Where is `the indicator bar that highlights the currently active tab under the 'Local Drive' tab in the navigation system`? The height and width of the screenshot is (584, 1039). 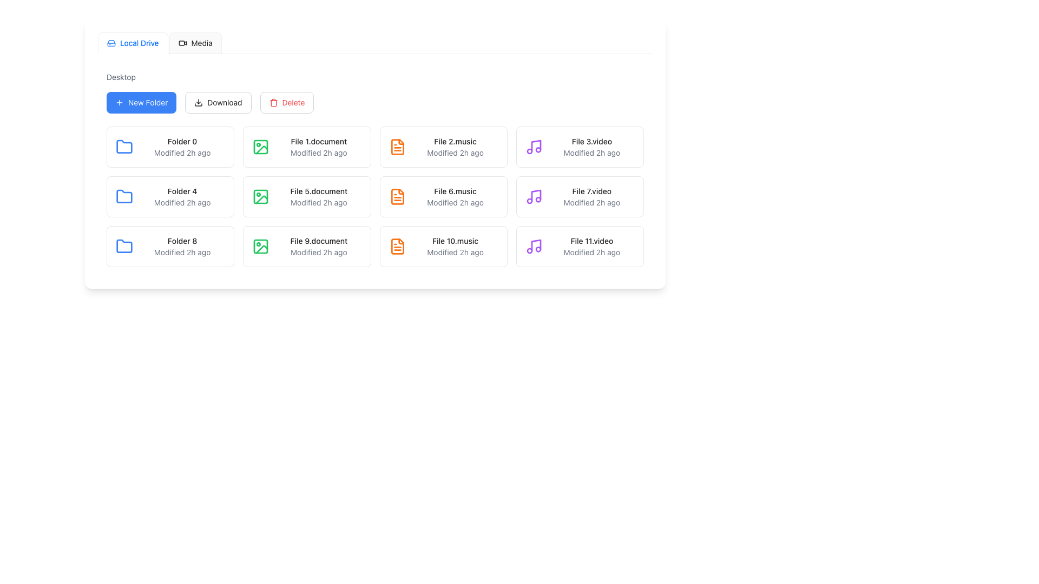 the indicator bar that highlights the currently active tab under the 'Local Drive' tab in the navigation system is located at coordinates (132, 54).